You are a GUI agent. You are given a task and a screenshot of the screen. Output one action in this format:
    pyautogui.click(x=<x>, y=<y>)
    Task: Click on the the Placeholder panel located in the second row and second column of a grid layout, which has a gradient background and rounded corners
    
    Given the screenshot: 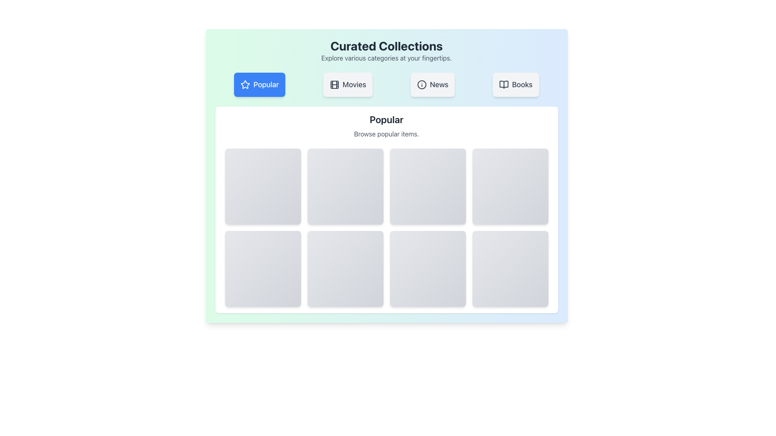 What is the action you would take?
    pyautogui.click(x=345, y=269)
    